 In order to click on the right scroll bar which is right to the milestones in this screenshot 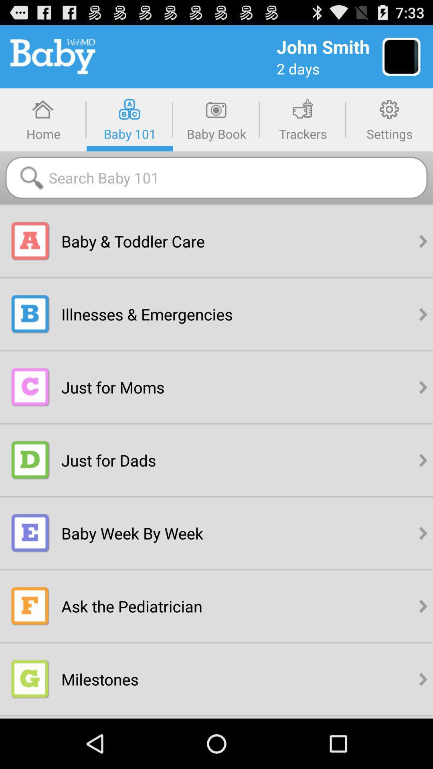, I will do `click(423, 678)`.